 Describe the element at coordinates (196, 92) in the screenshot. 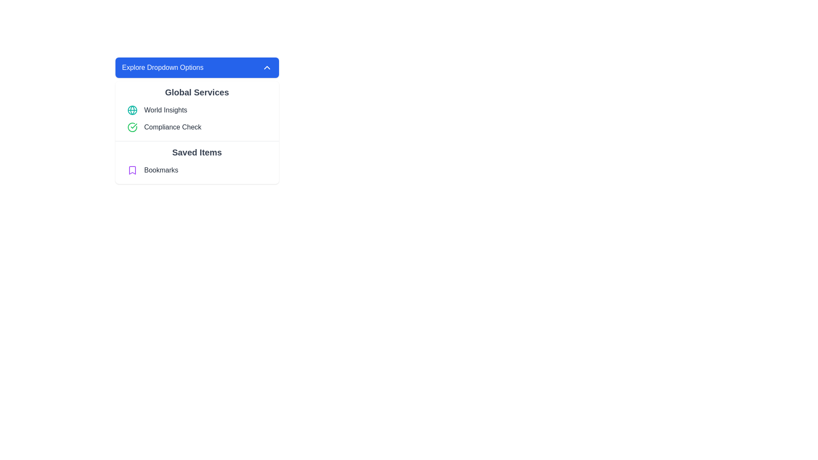

I see `the 'Global Services' text label, which is the first text content in the dropdown section beneath 'Explore Dropdown Options'` at that location.